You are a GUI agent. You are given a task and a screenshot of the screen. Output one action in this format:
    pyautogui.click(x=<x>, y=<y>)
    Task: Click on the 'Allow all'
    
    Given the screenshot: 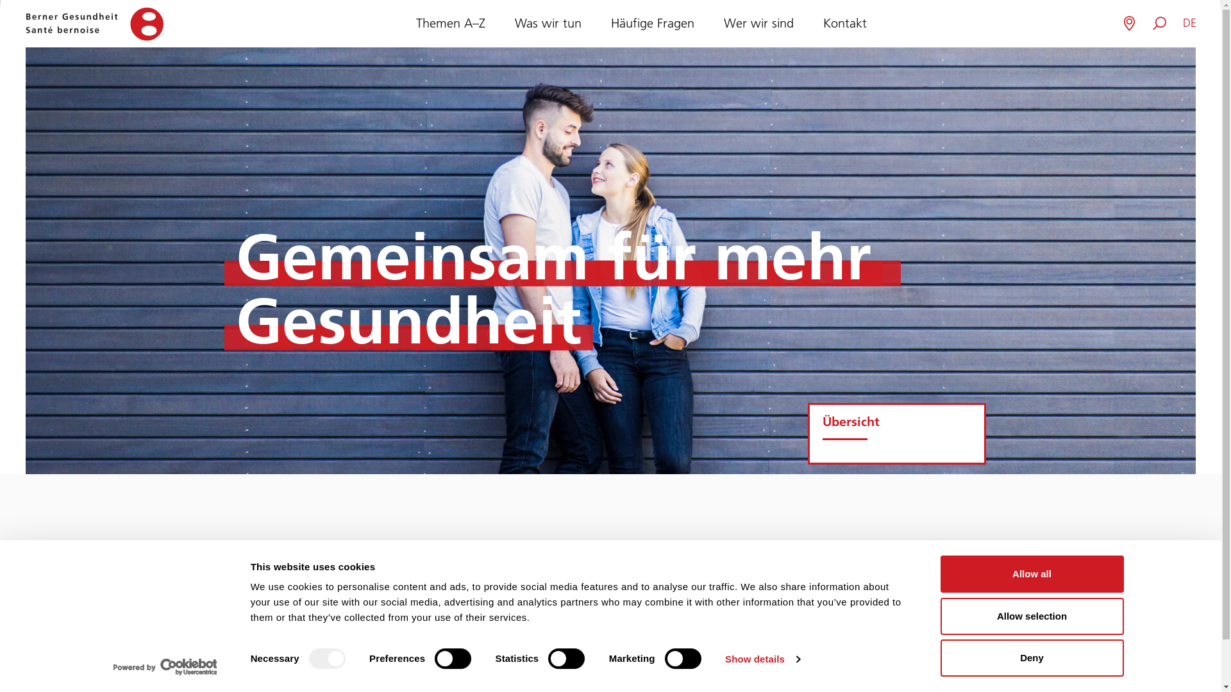 What is the action you would take?
    pyautogui.click(x=1031, y=573)
    